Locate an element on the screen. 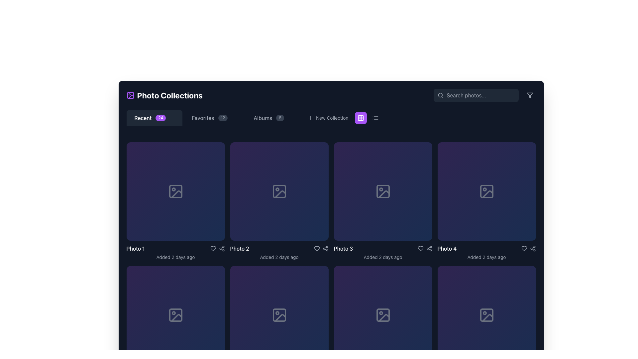 Image resolution: width=638 pixels, height=359 pixels. the small circular share icon button located in the third column of the grid layout, directly beneath the thumbnail for 'Photo 3' is located at coordinates (325, 249).